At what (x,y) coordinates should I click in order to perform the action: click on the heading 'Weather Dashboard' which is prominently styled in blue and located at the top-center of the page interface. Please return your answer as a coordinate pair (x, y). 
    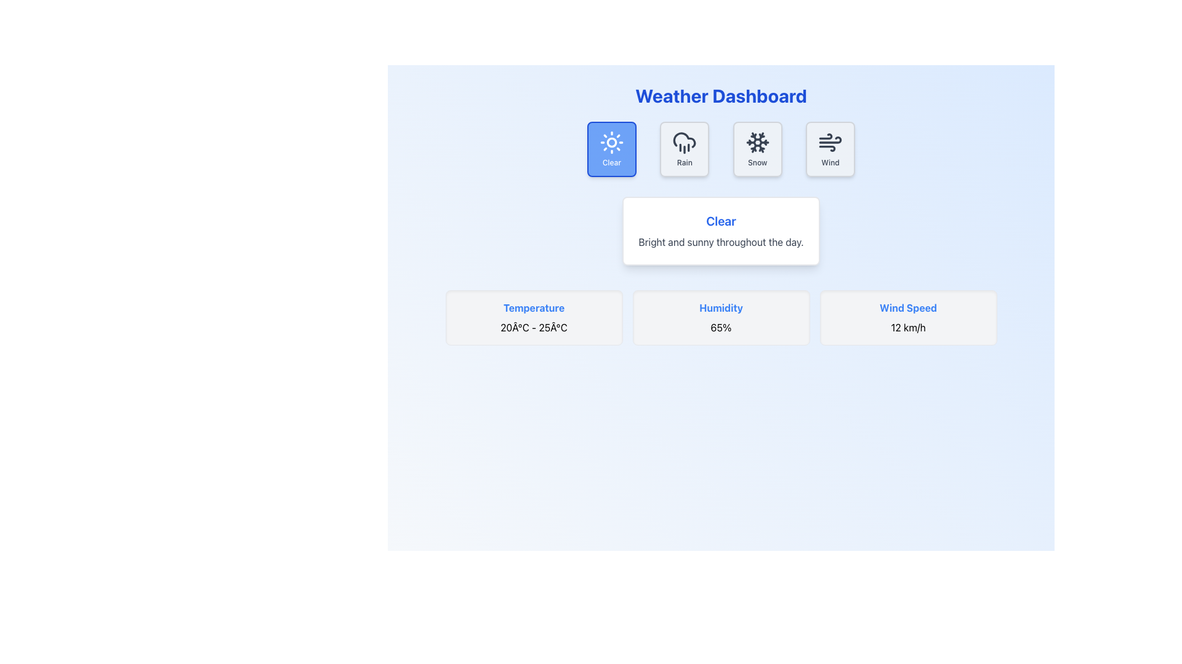
    Looking at the image, I should click on (721, 95).